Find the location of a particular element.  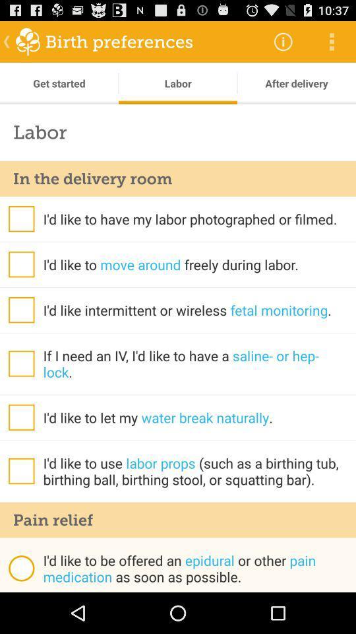

the get started icon is located at coordinates (59, 83).